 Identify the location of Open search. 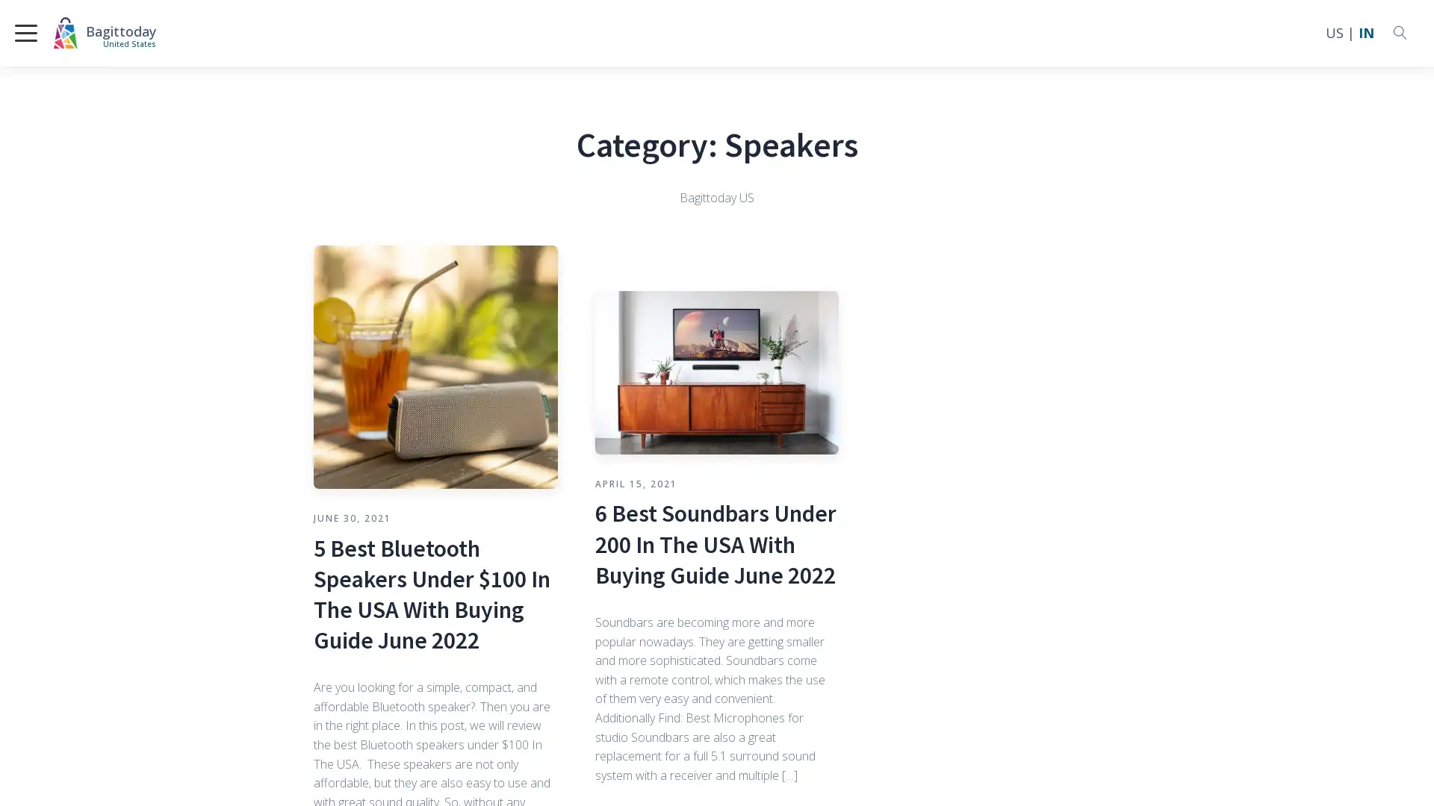
(1400, 32).